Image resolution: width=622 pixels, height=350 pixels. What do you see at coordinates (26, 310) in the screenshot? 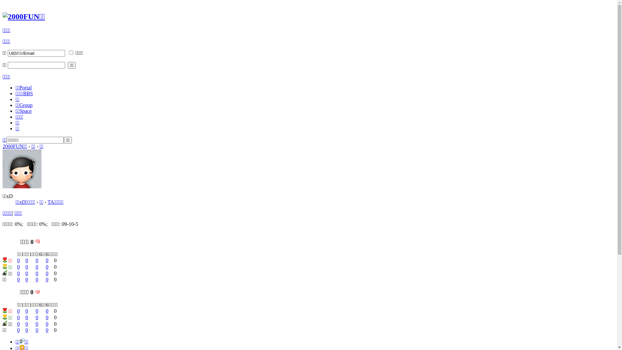
I see `'0'` at bounding box center [26, 310].